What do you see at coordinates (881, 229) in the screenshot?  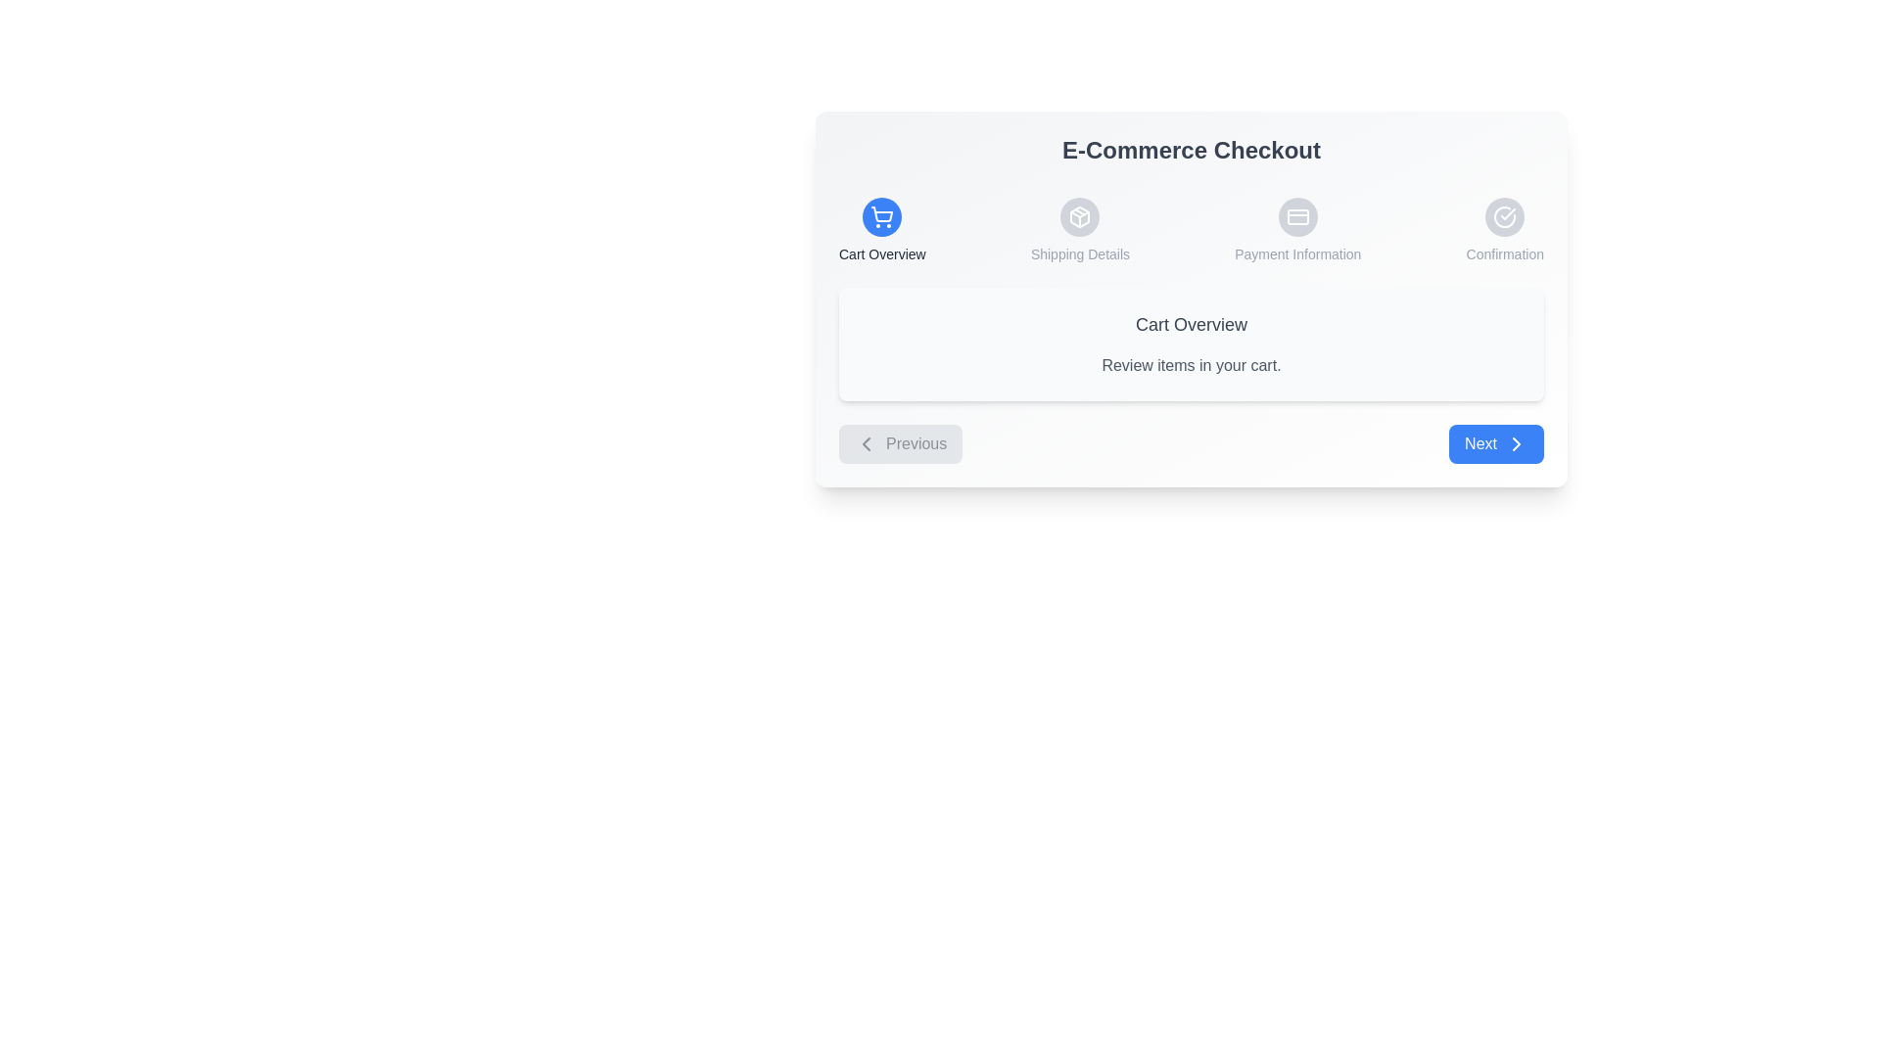 I see `the 'Cart Overview' text label of the progress step indicator, which features a blue circular icon with a white shopping cart symbol above it` at bounding box center [881, 229].